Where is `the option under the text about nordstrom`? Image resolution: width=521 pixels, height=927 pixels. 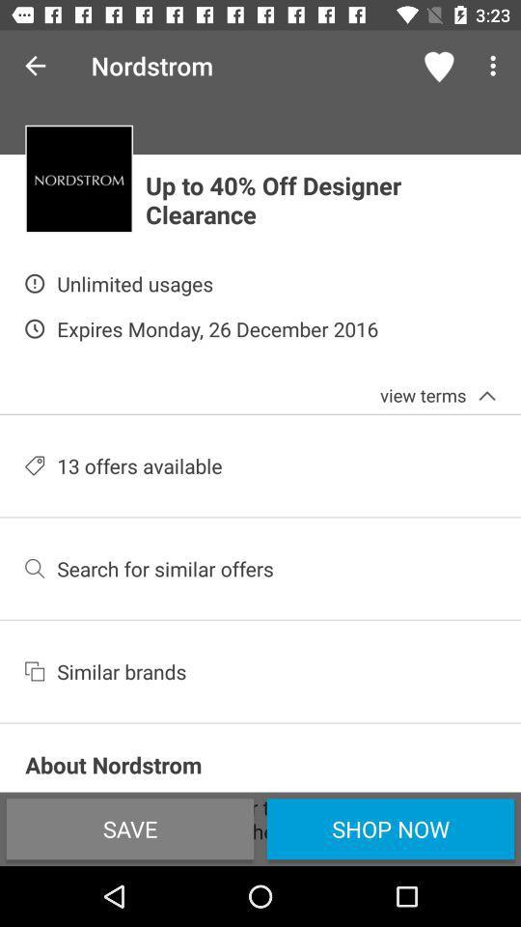 the option under the text about nordstrom is located at coordinates (130, 828).